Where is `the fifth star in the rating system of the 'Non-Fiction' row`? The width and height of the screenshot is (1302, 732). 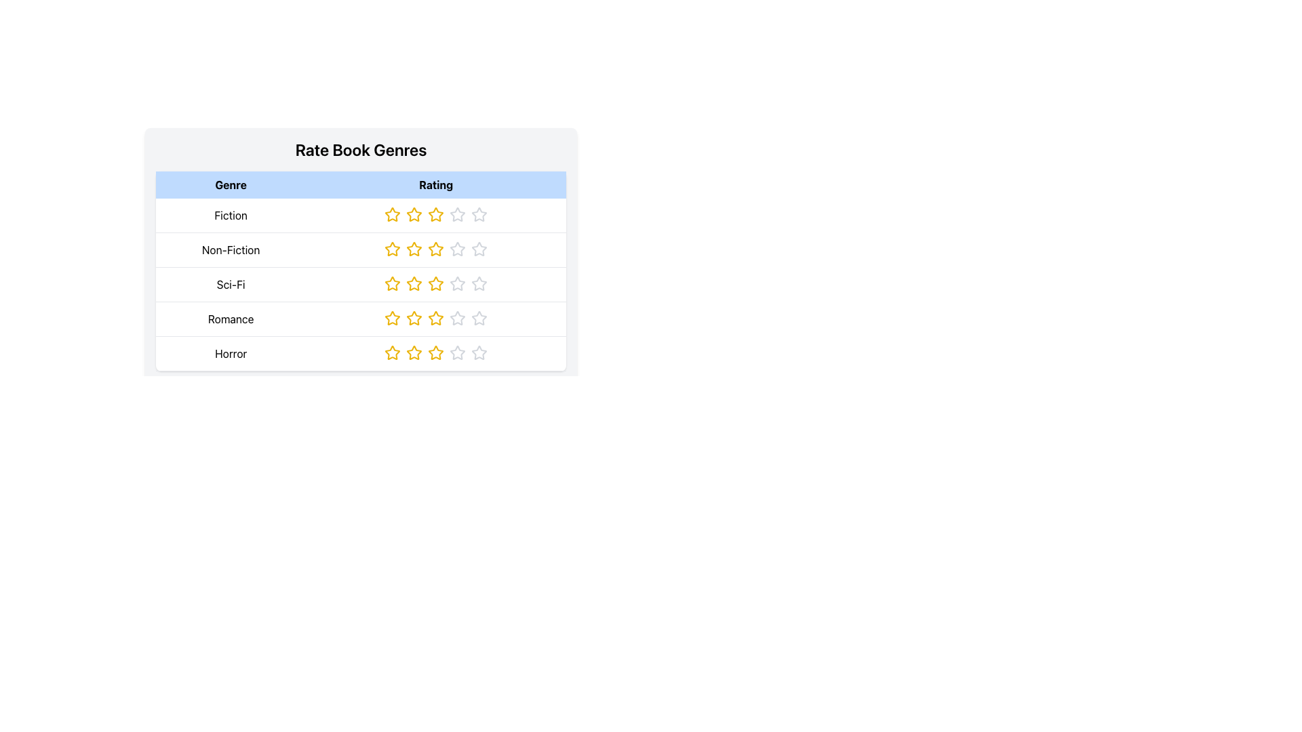 the fifth star in the rating system of the 'Non-Fiction' row is located at coordinates (479, 249).